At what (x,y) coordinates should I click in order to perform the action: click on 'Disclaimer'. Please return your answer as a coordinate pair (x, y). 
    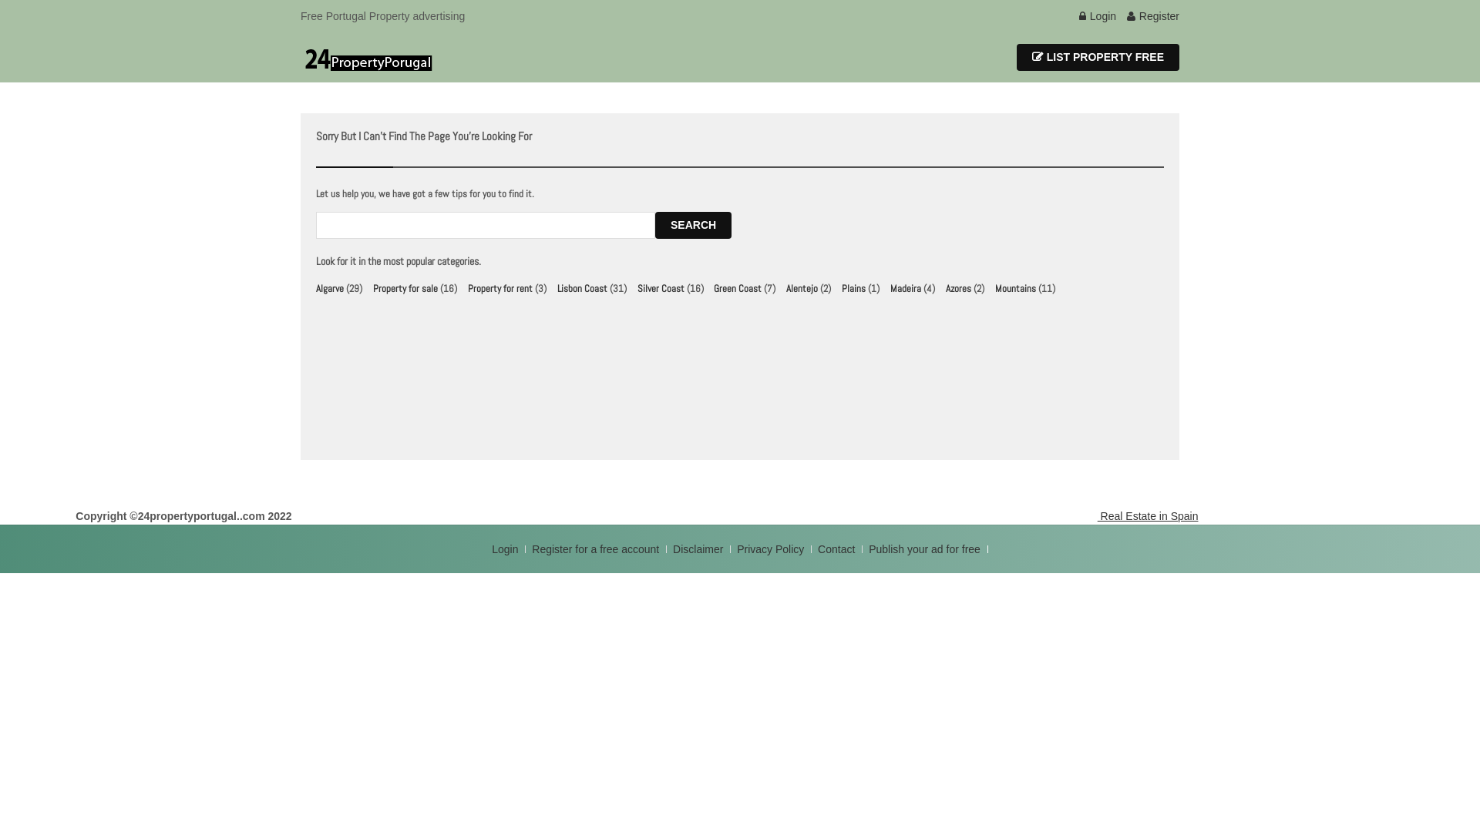
    Looking at the image, I should click on (697, 549).